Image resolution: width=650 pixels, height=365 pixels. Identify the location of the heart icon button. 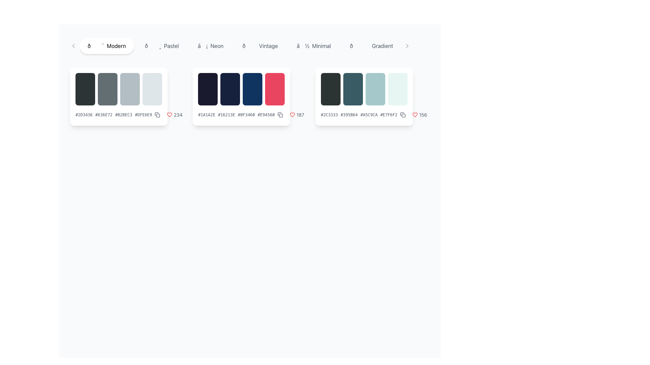
(292, 114).